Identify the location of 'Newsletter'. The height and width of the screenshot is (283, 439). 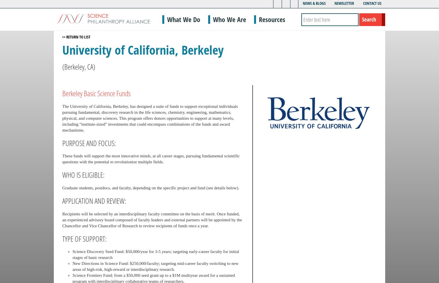
(344, 3).